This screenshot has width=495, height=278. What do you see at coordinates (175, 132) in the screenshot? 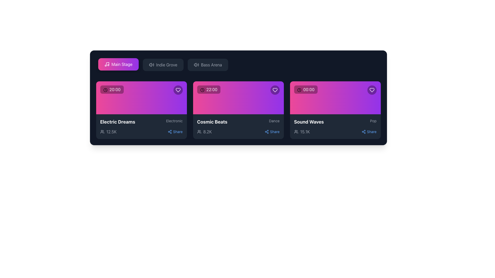
I see `the 'Share' button located at the bottom-right of the 'Electric Dreams' event card, which features a small blue font and a share network icon, to initiate the sharing process` at bounding box center [175, 132].